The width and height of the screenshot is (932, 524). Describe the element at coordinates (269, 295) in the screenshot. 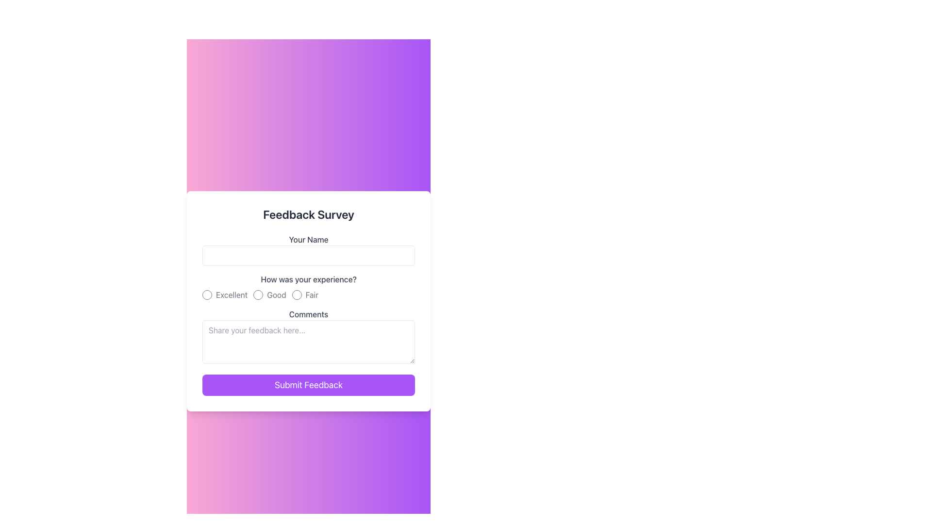

I see `the radio button associated with the 'Good' label in the feedback survey` at that location.